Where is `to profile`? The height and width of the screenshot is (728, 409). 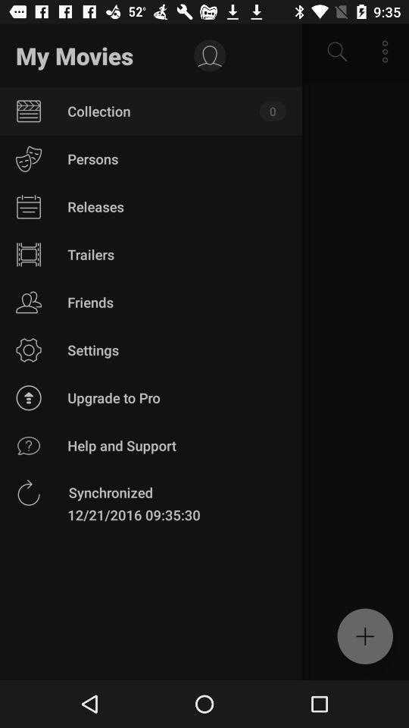 to profile is located at coordinates (209, 56).